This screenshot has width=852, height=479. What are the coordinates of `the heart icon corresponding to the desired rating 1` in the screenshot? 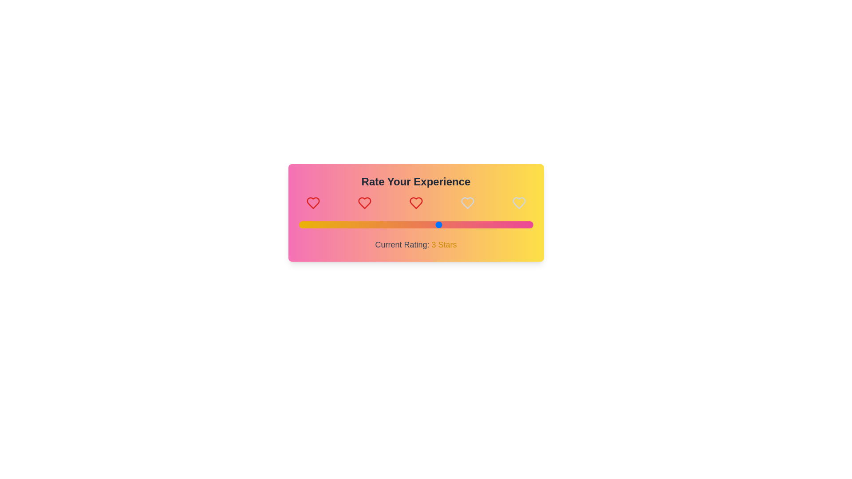 It's located at (313, 203).